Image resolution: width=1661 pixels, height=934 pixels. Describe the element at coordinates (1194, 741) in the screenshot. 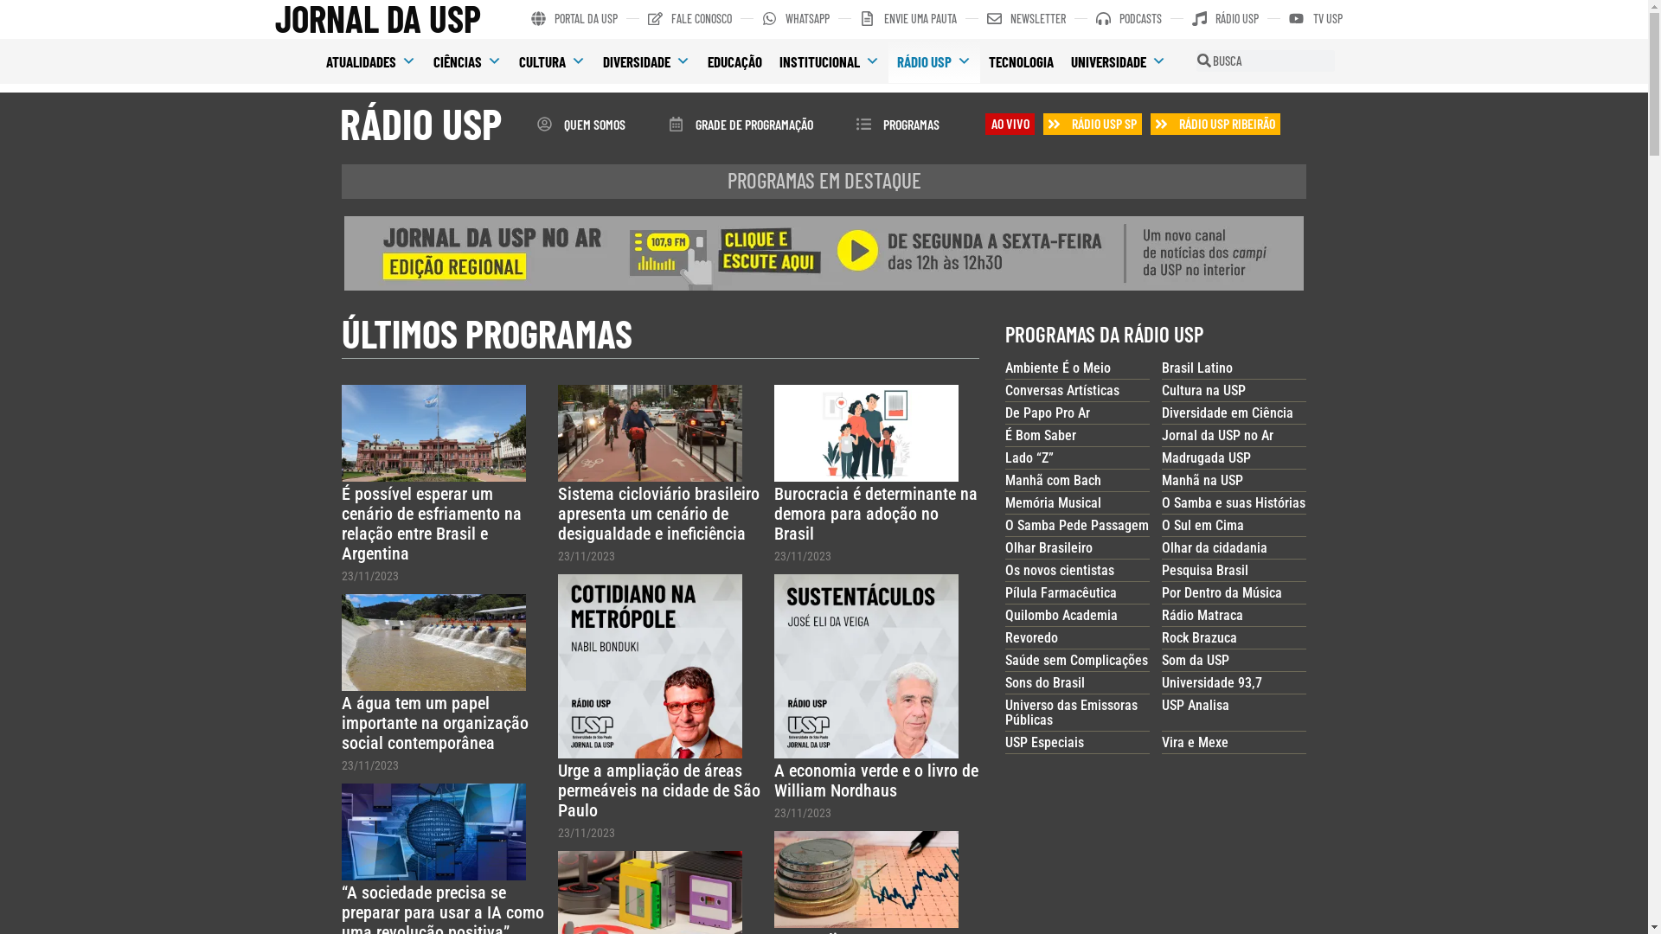

I see `'Vira e Mexe'` at that location.